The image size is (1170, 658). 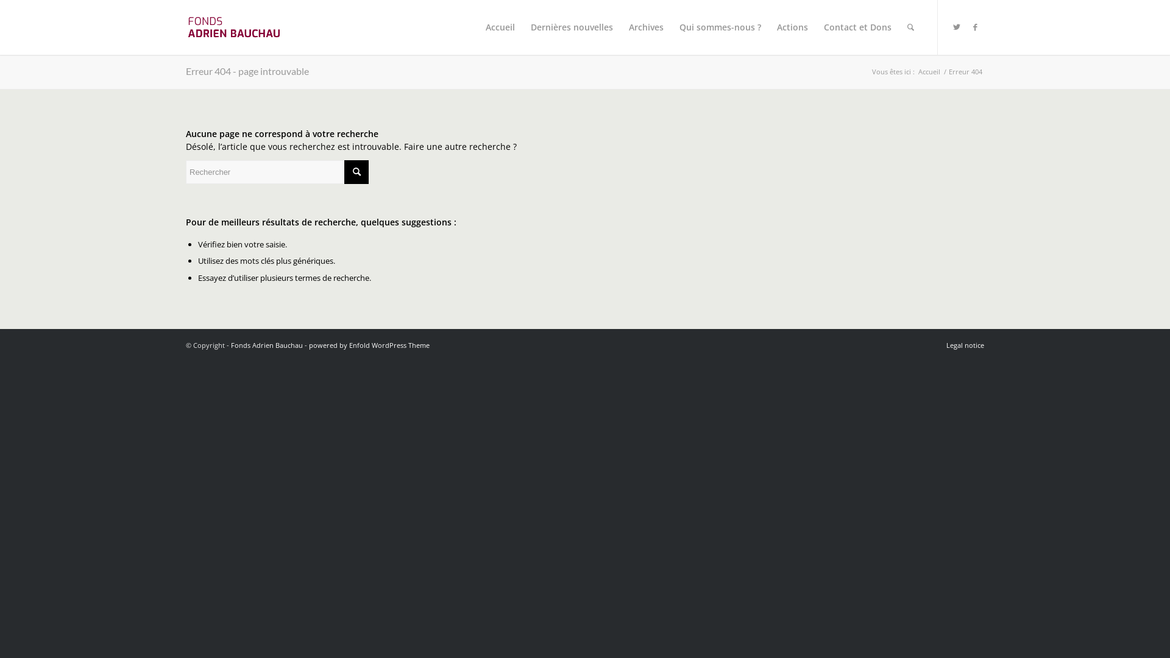 I want to click on 'Legal notice', so click(x=965, y=345).